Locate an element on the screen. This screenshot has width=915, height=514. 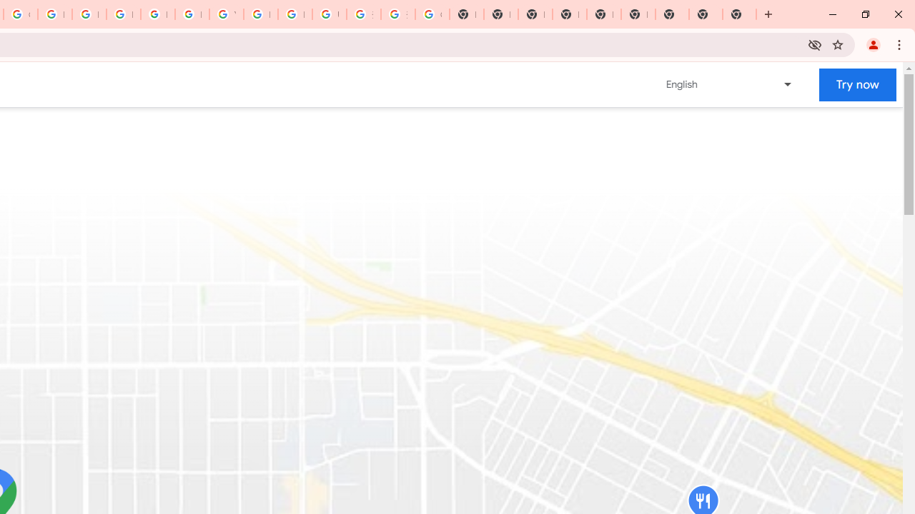
'Privacy Help Center - Policies Help' is located at coordinates (54, 14).